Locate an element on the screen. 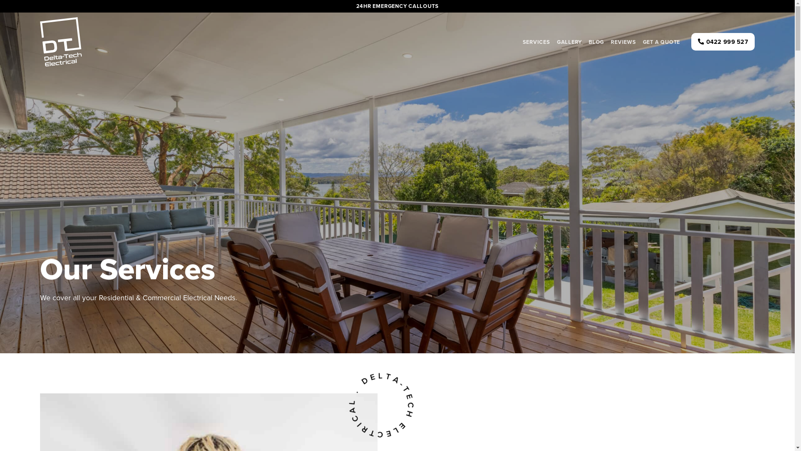  'SERVICES' is located at coordinates (537, 41).